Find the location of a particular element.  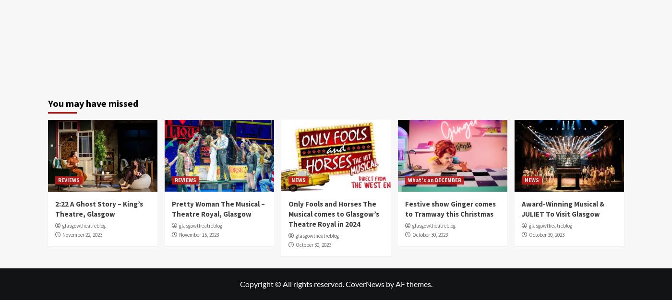

'Only Fools and Horses The Musical comes to Glasgow’s Theatre Royal in 2024' is located at coordinates (288, 213).